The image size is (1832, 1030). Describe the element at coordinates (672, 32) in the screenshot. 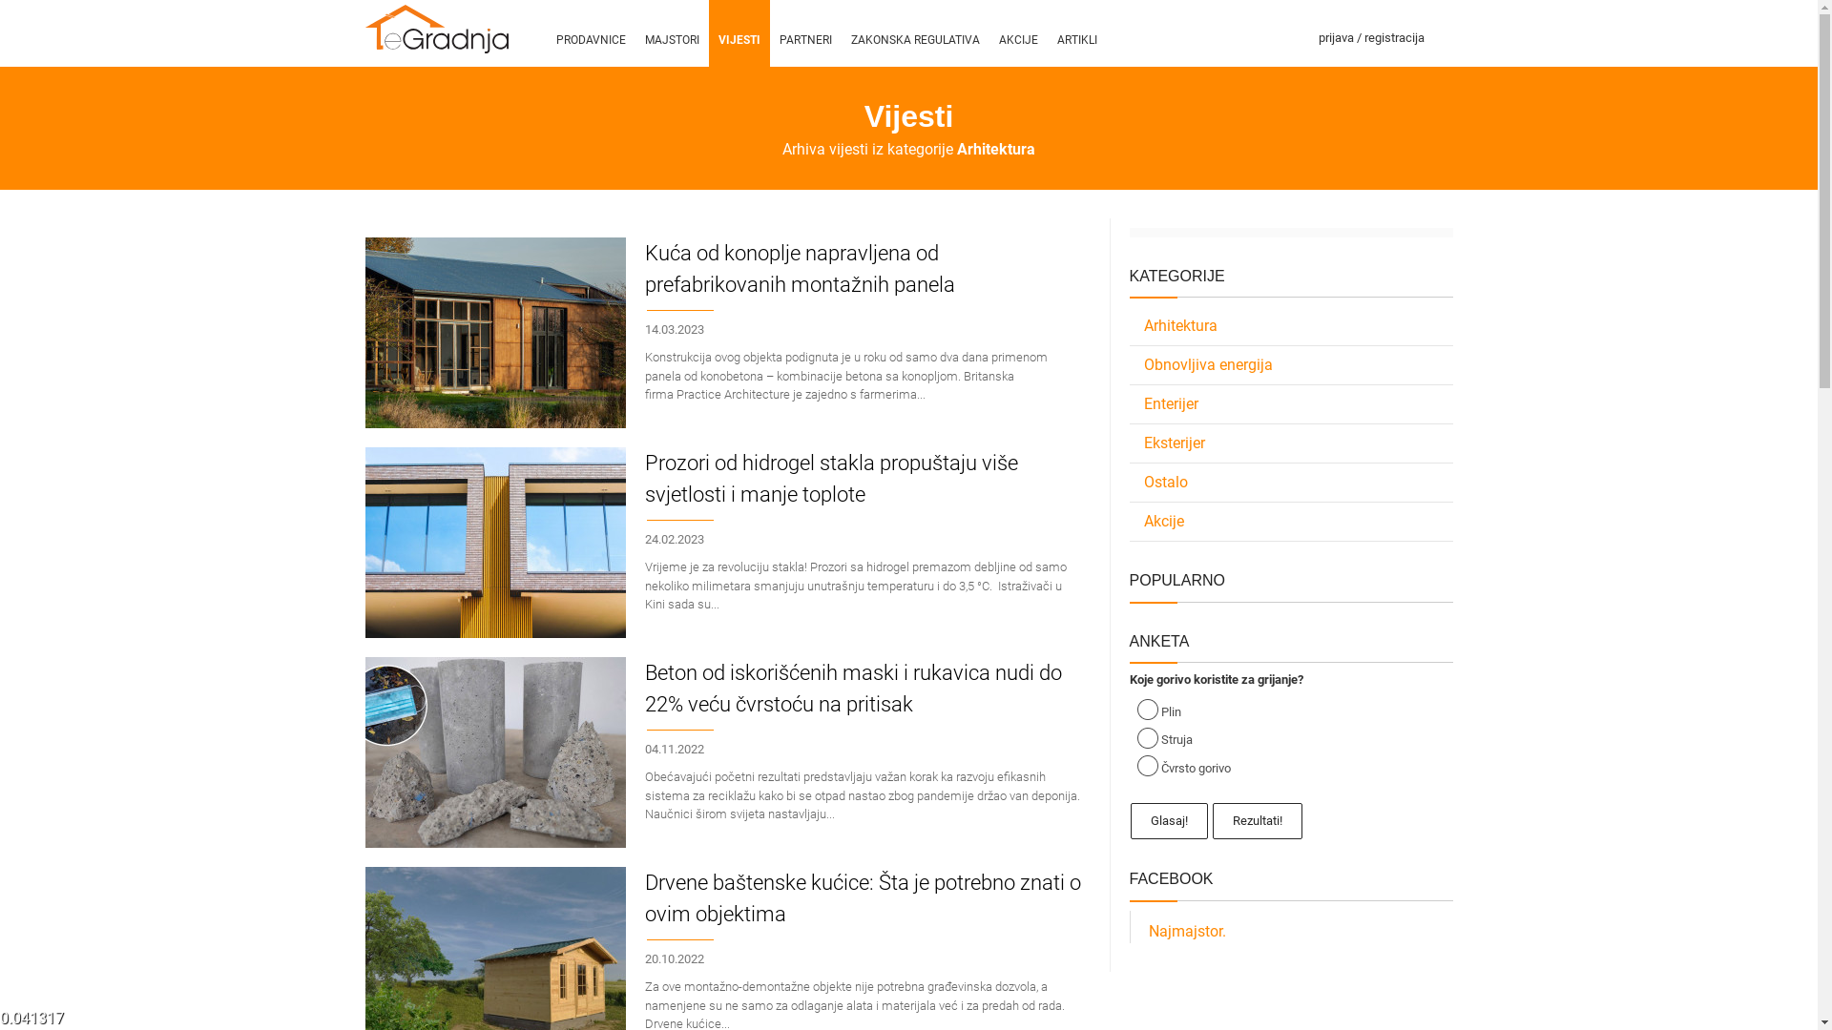

I see `'MAJSTORI'` at that location.